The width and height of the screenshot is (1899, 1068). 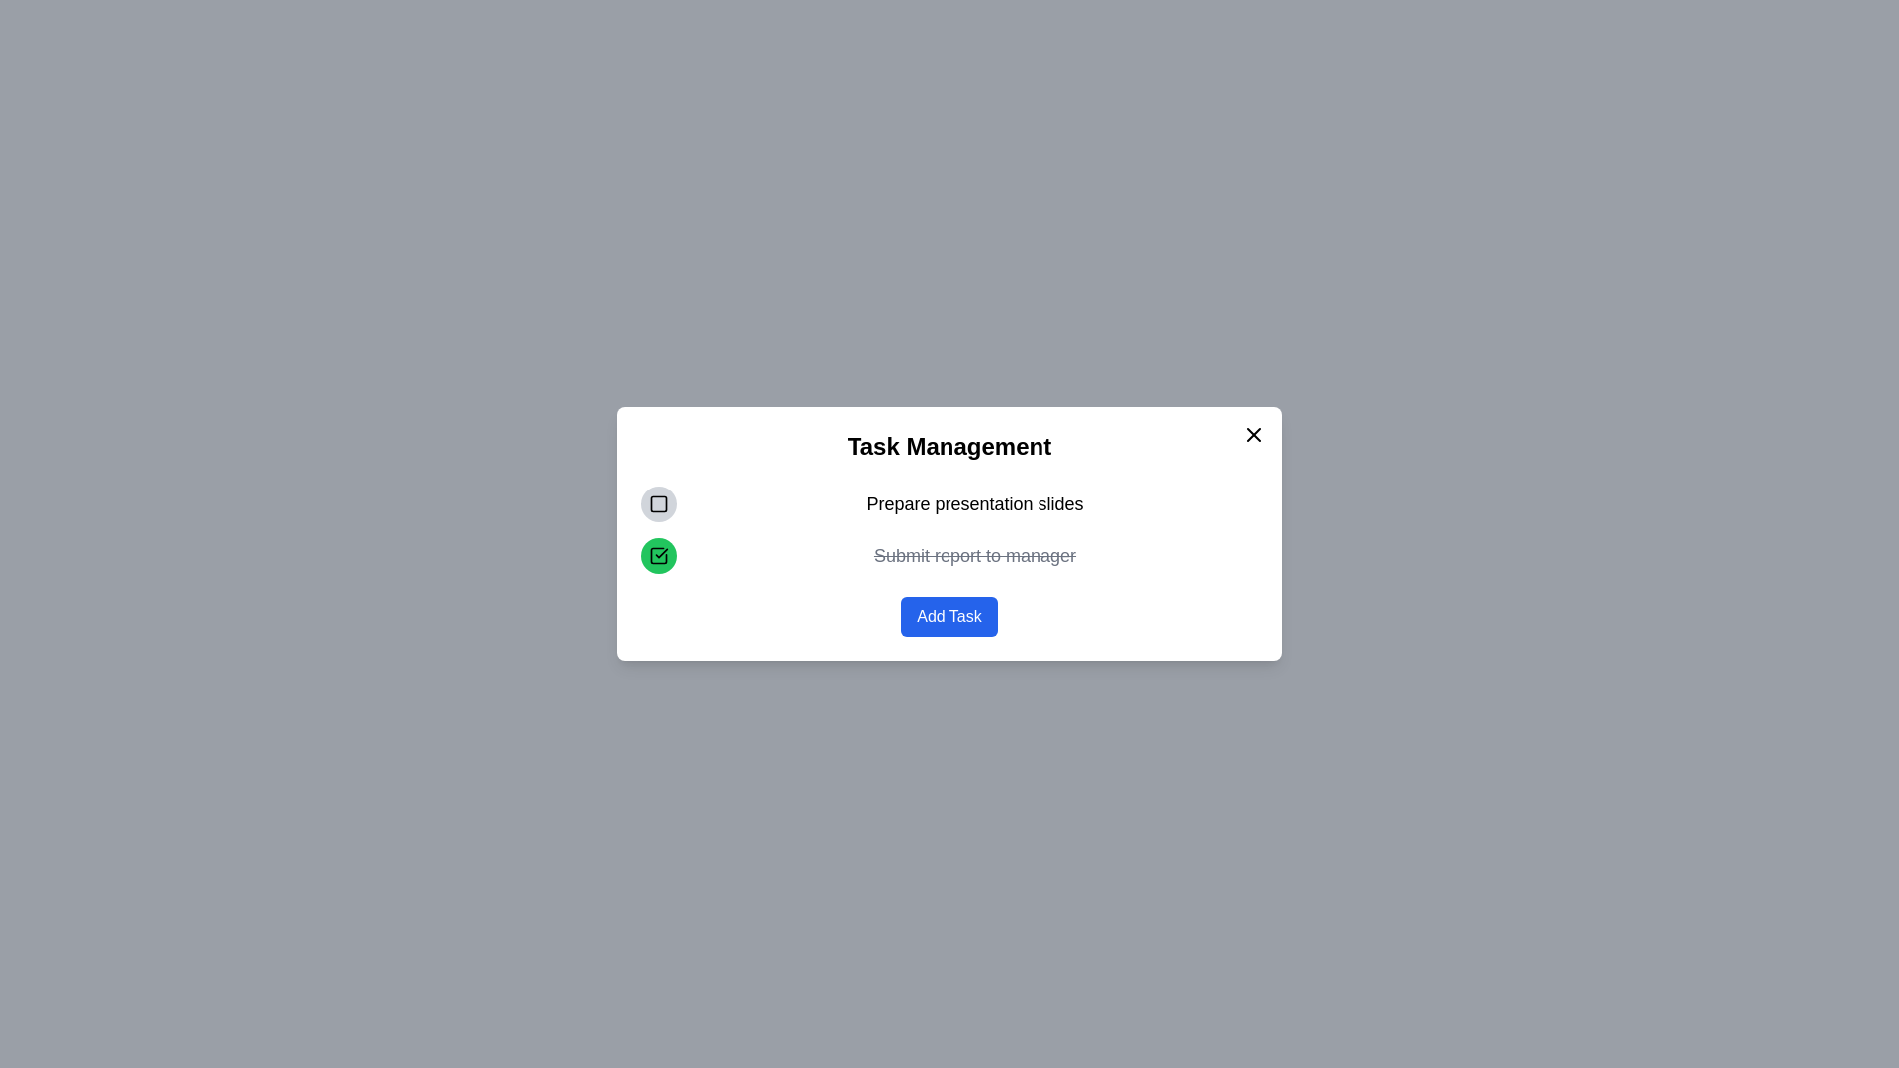 I want to click on the circular button with a bright green background and a checkmark icon, located to the left of the 'Submit report to manager' text, so click(x=659, y=556).